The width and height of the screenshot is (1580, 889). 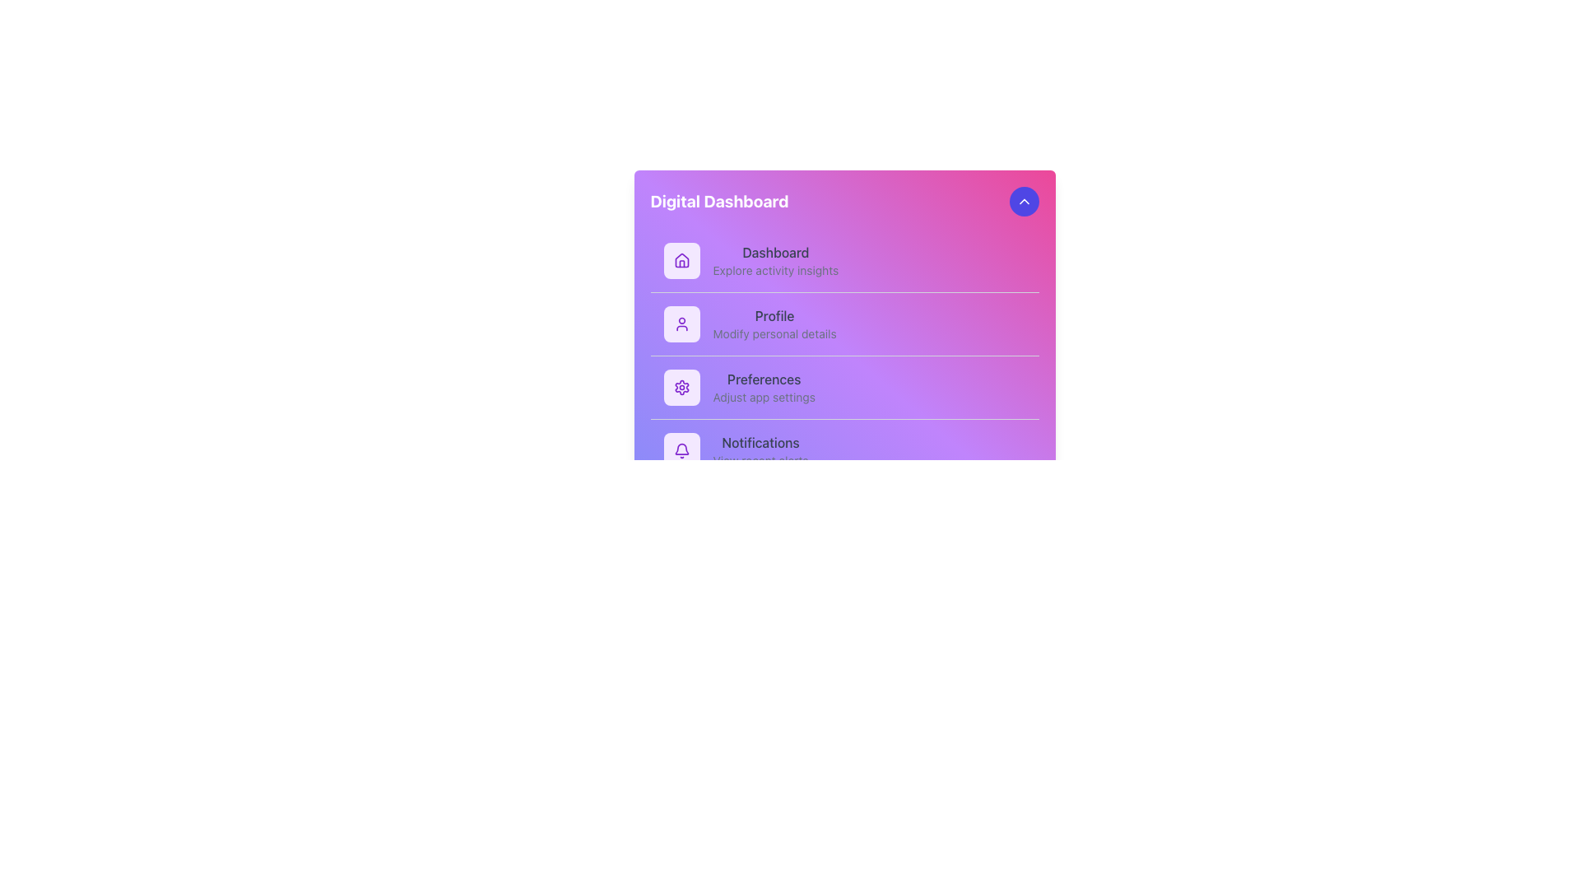 What do you see at coordinates (844, 305) in the screenshot?
I see `the 'Profile' navigation link` at bounding box center [844, 305].